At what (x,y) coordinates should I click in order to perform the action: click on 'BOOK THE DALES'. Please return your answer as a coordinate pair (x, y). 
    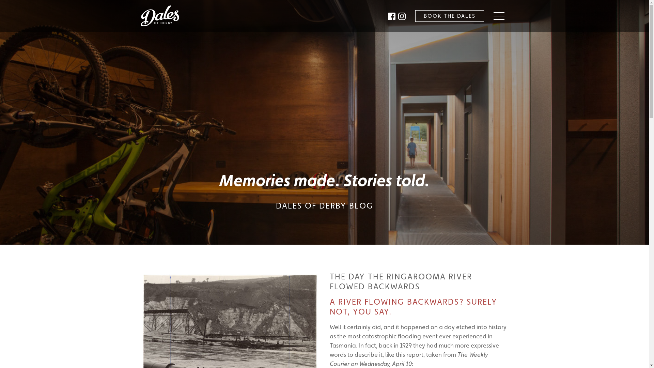
    Looking at the image, I should click on (449, 15).